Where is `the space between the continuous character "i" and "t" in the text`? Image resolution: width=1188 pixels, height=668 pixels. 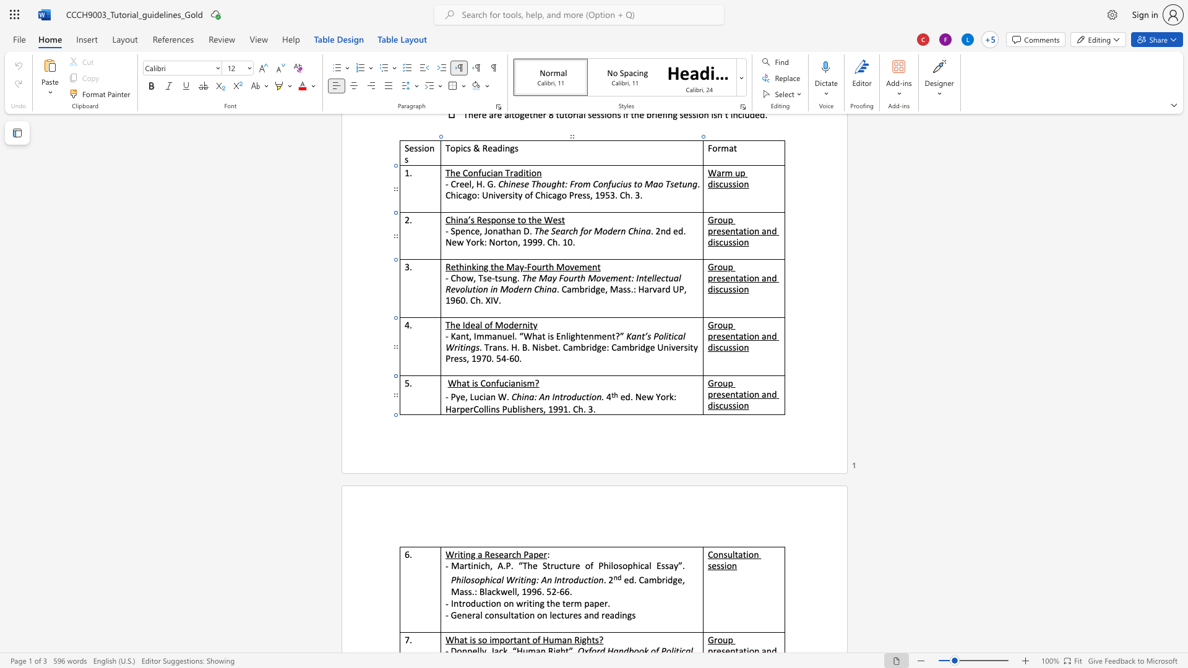 the space between the continuous character "i" and "t" in the text is located at coordinates (460, 554).